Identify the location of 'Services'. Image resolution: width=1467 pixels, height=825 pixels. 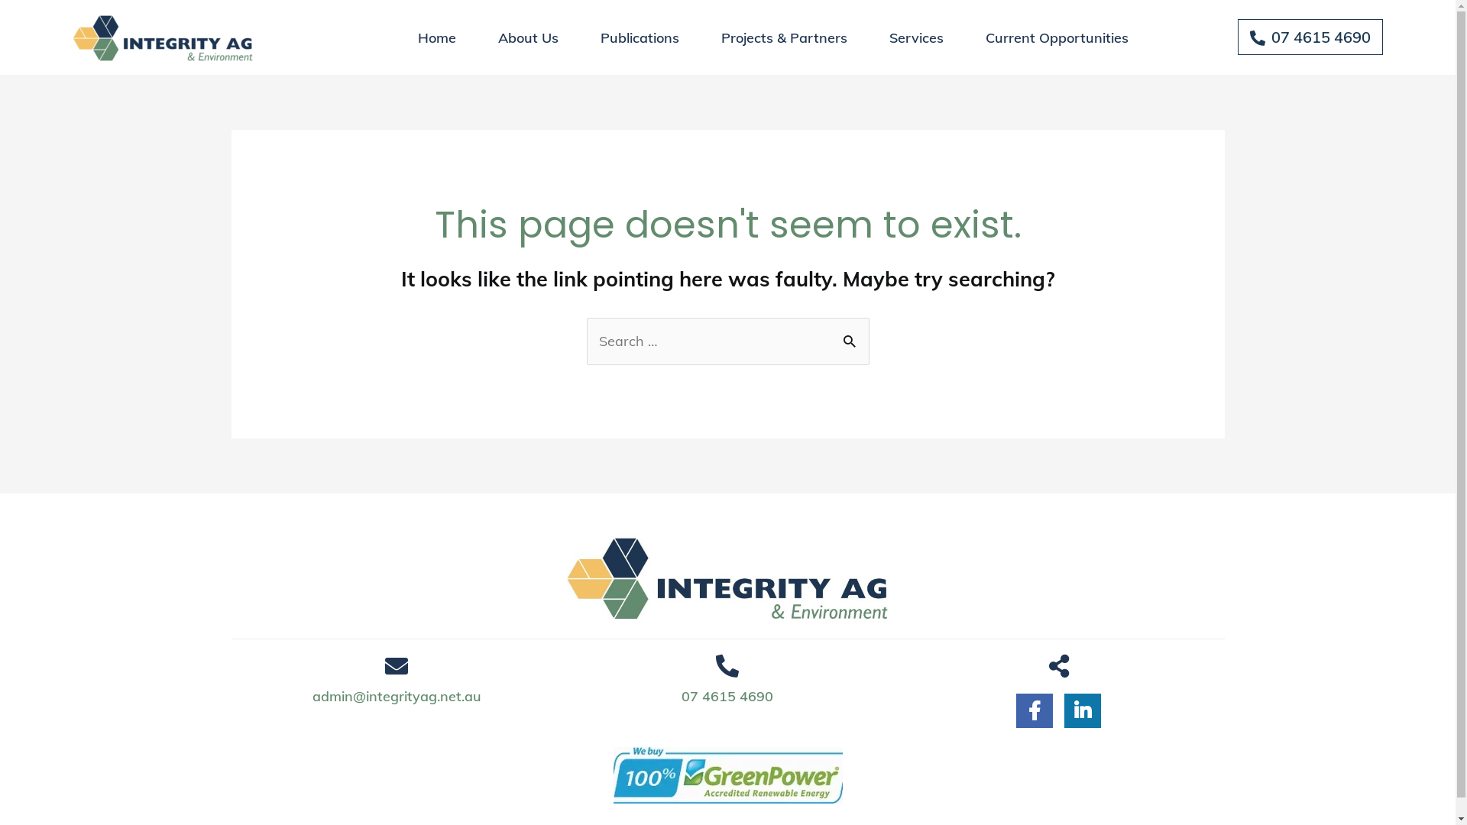
(916, 37).